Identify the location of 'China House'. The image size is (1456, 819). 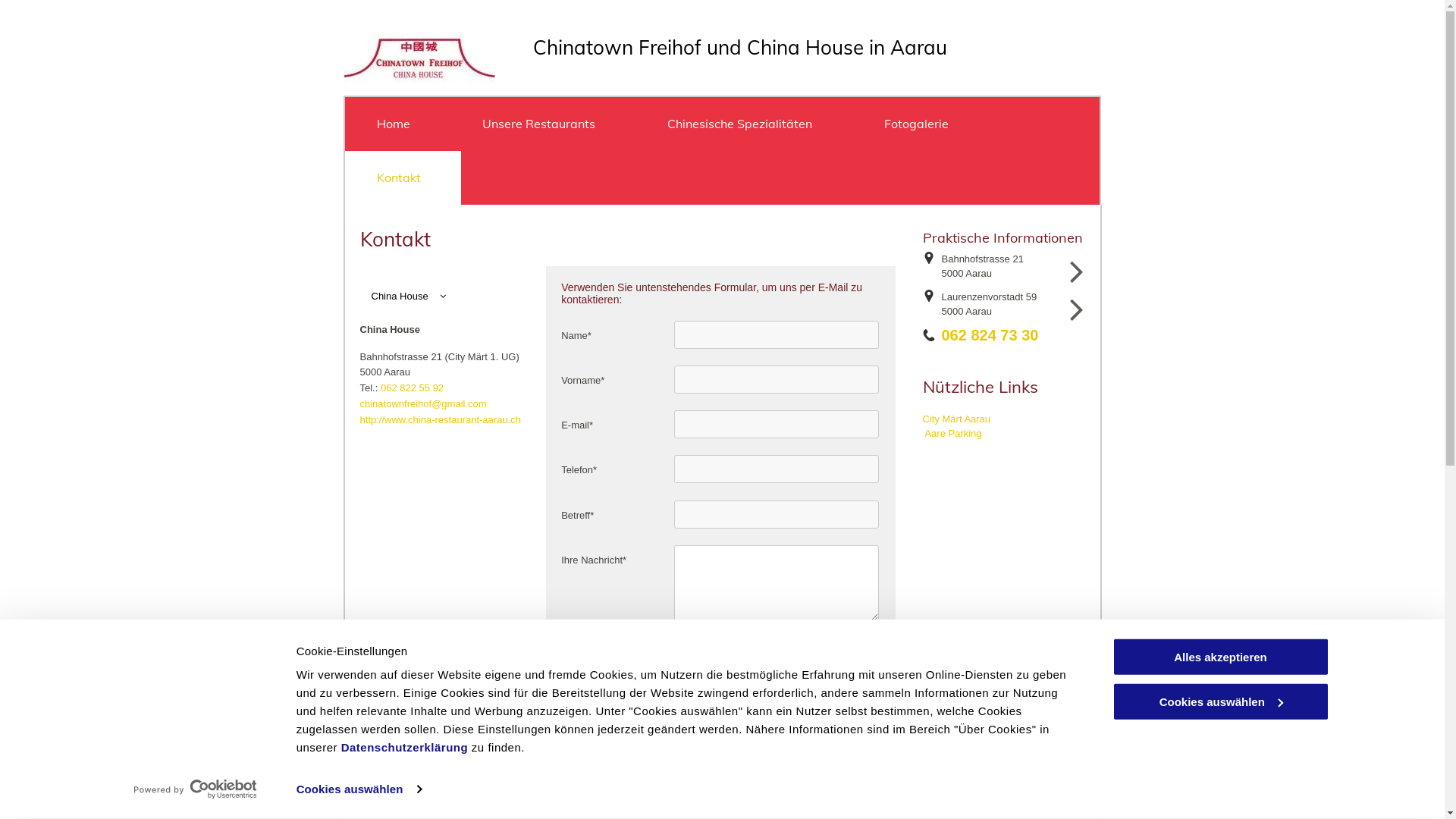
(443, 296).